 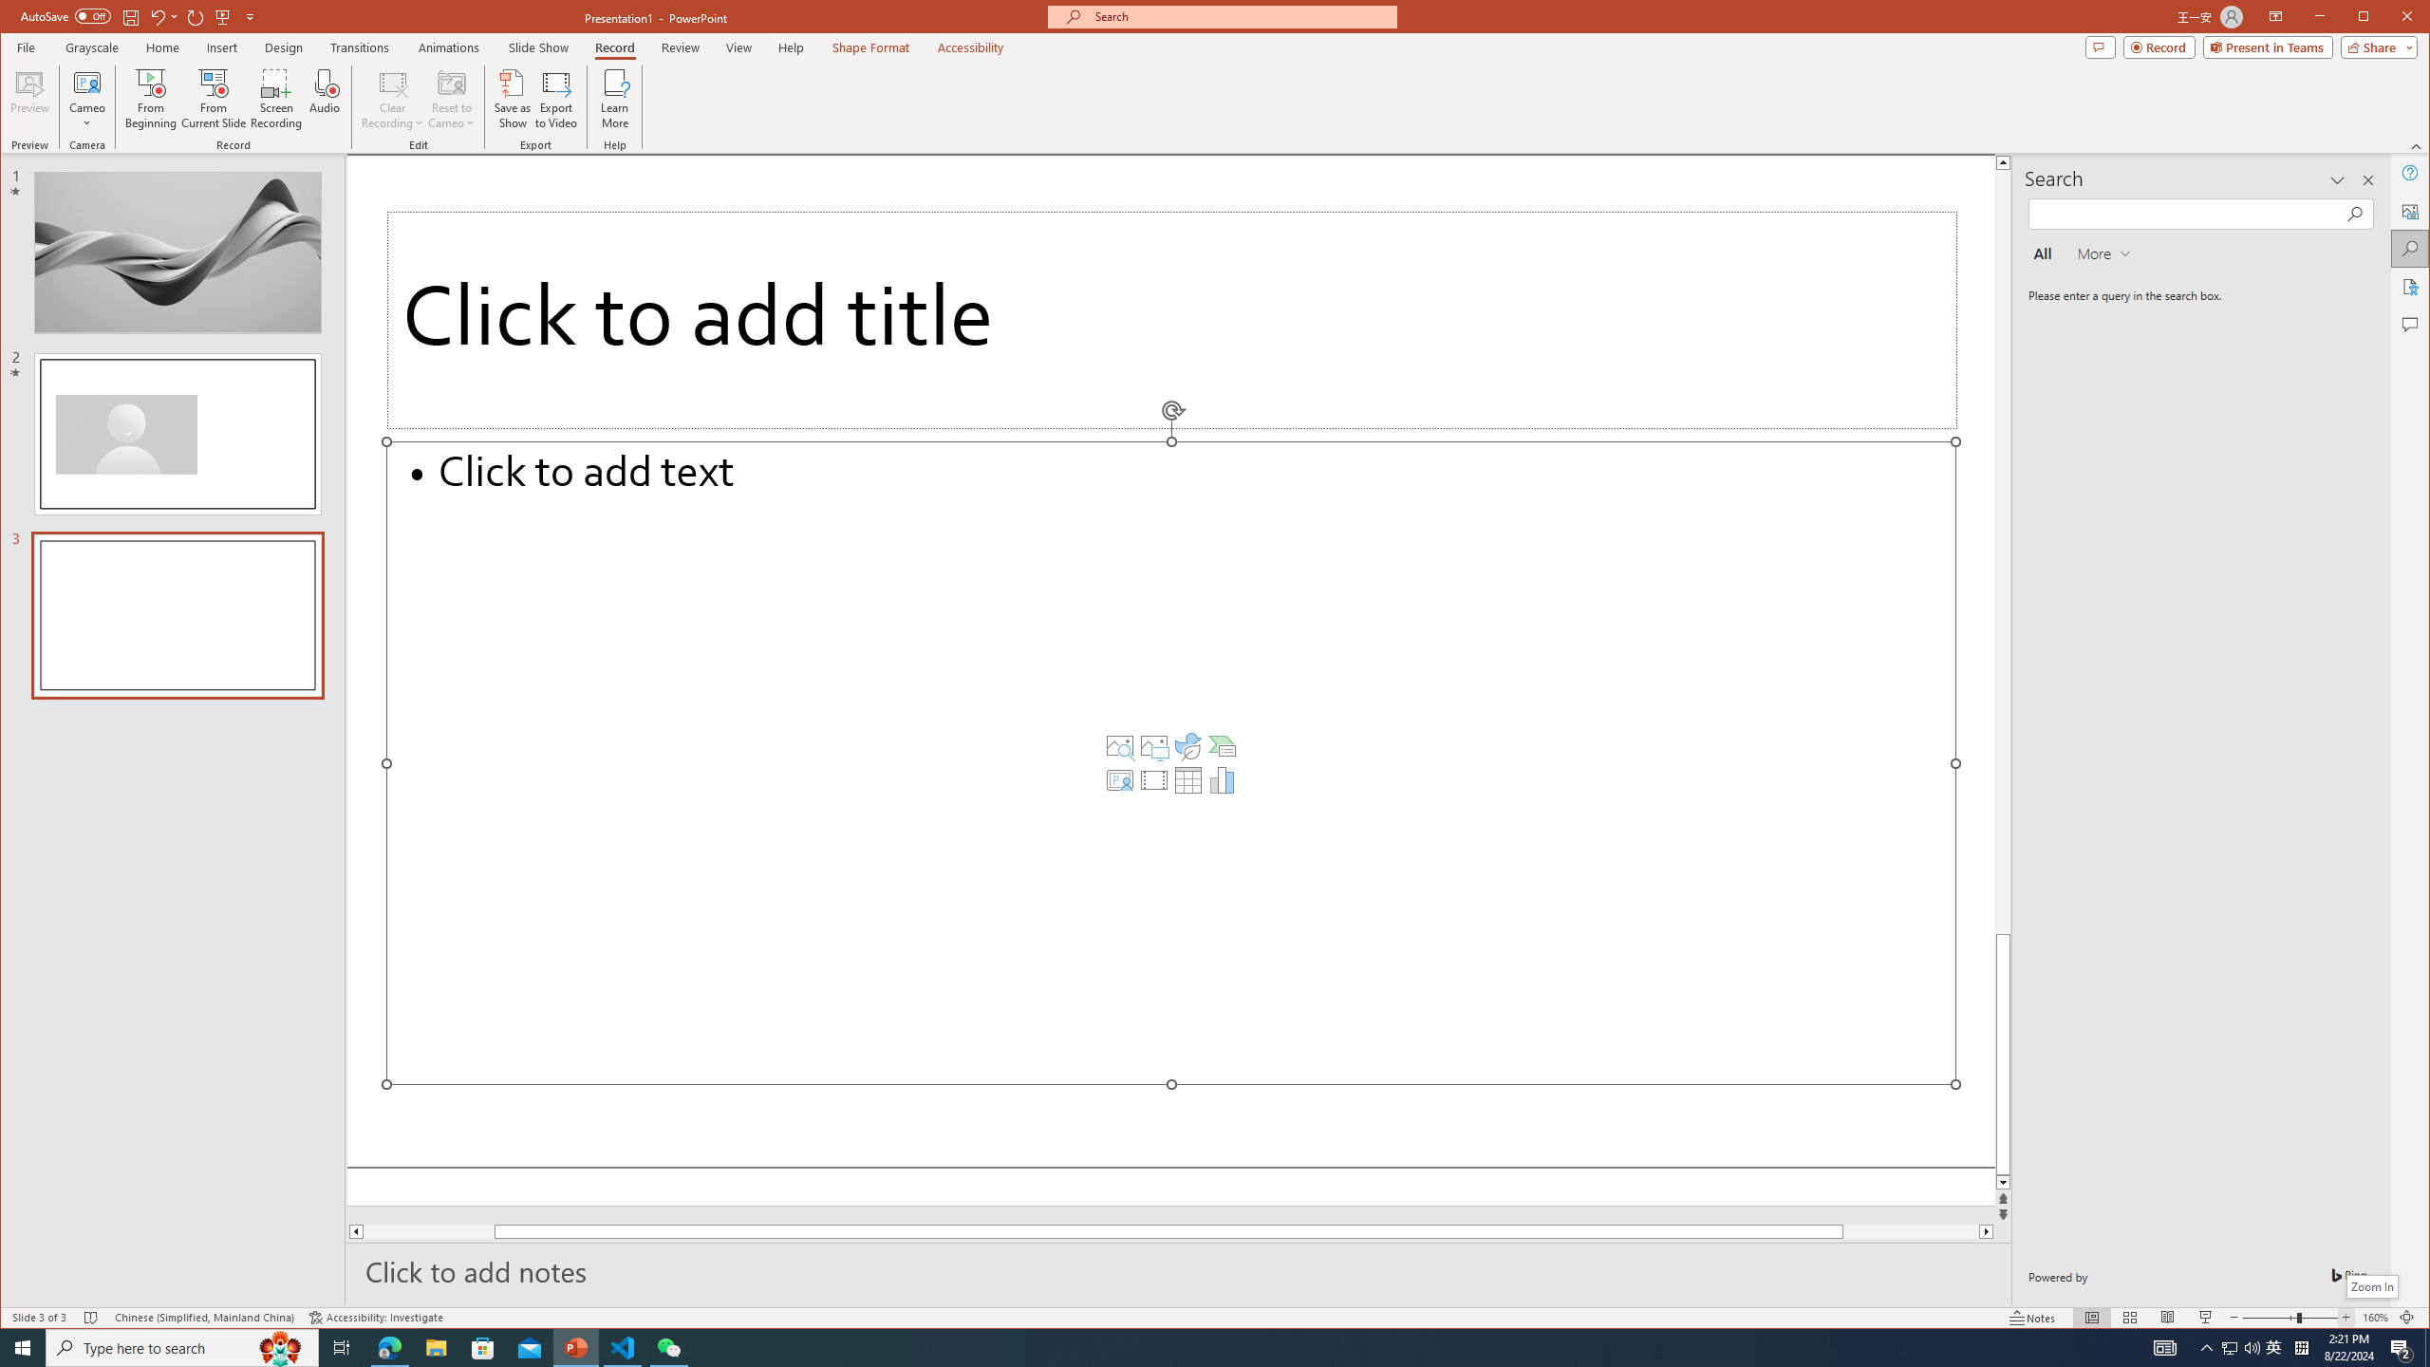 I want to click on 'Visual Studio Code - 1 running window', so click(x=623, y=1346).